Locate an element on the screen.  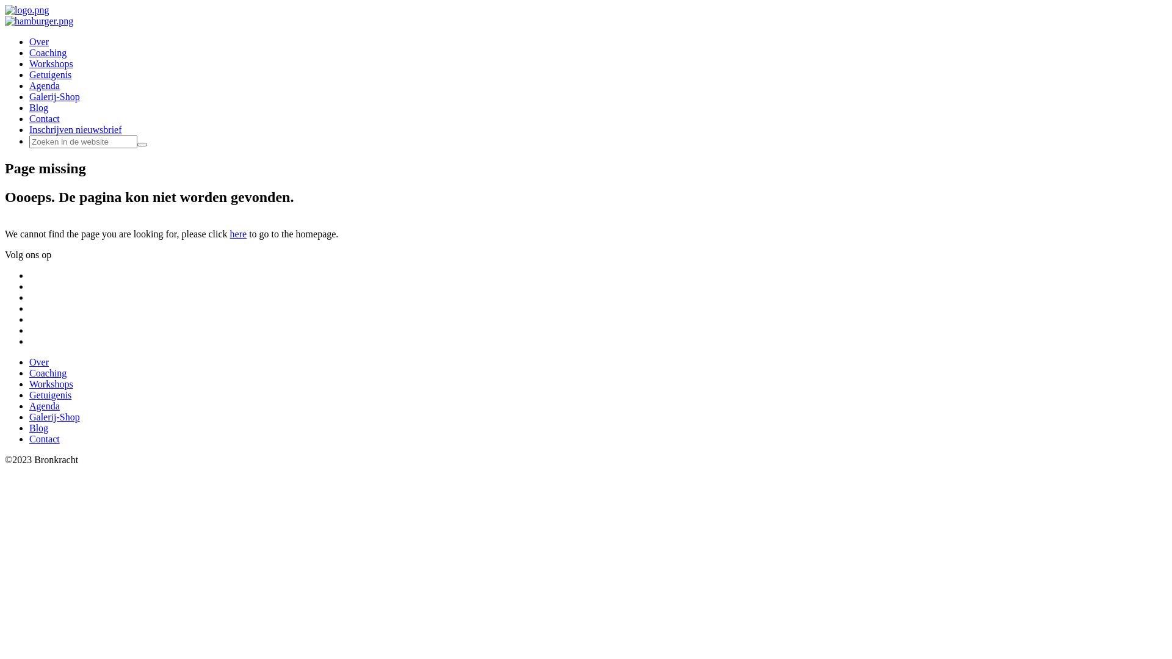
'Coaching' is located at coordinates (48, 372).